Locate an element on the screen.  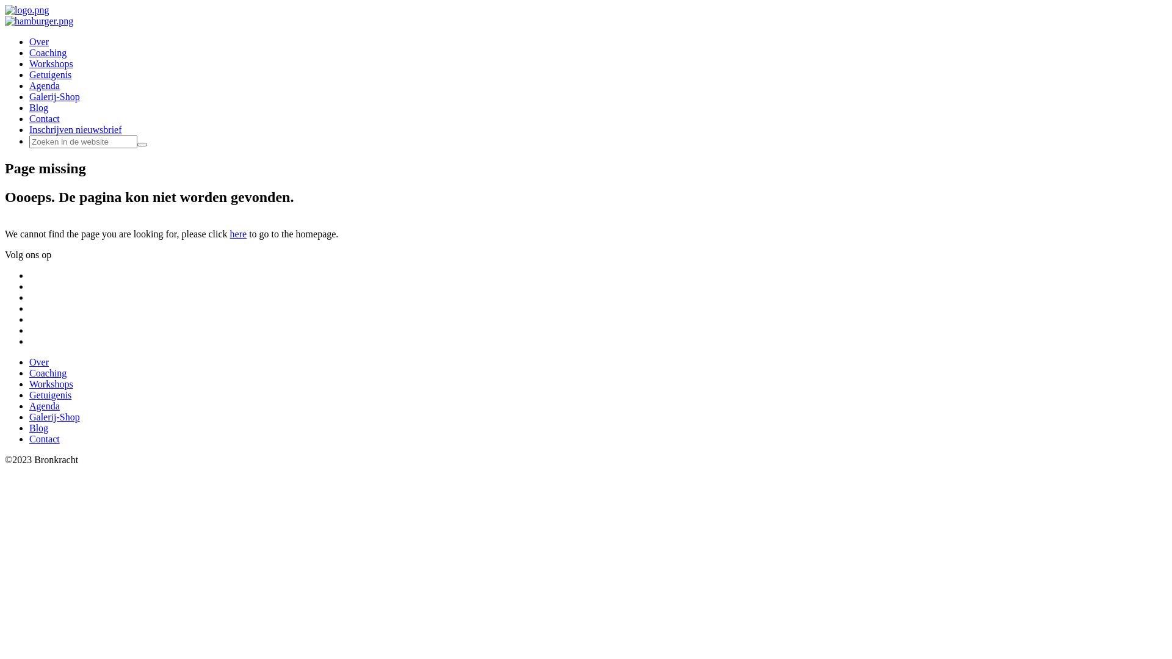
'Coaching' is located at coordinates (48, 372).